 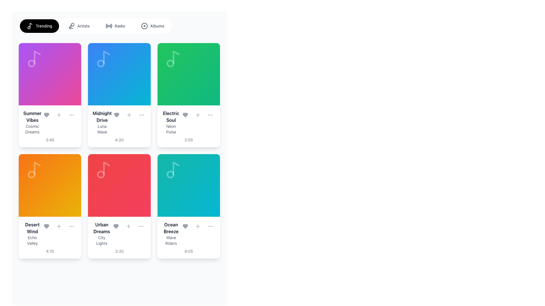 What do you see at coordinates (104, 170) in the screenshot?
I see `the decorative music icon located in the 'Urban Dreams' card in the second row, second column of the music library grid interface` at bounding box center [104, 170].